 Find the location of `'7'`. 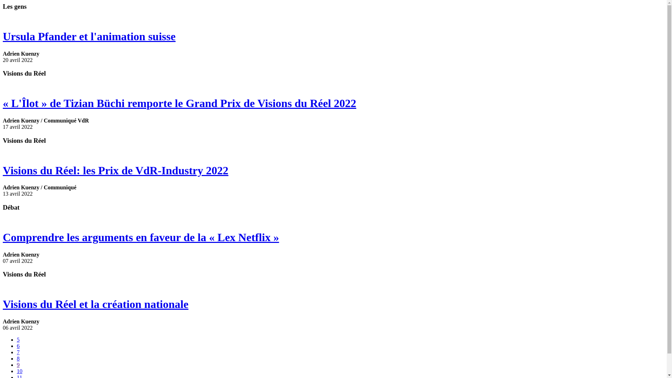

'7' is located at coordinates (18, 352).